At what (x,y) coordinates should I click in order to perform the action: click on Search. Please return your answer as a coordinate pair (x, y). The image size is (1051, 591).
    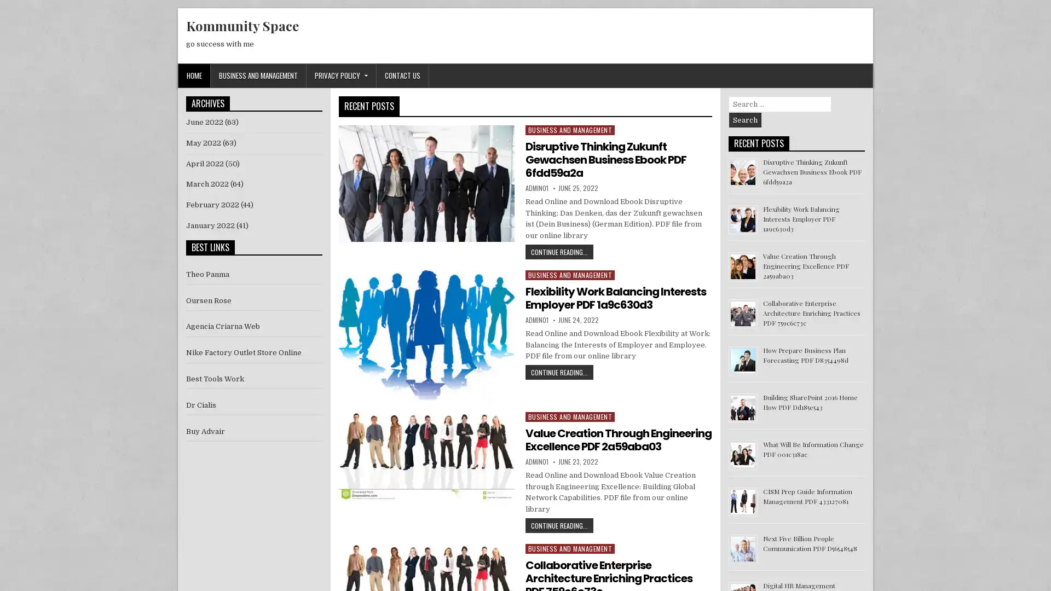
    Looking at the image, I should click on (744, 120).